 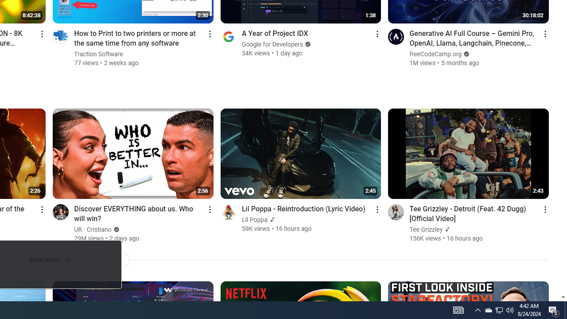 What do you see at coordinates (254, 219) in the screenshot?
I see `'Lil Poppa'` at bounding box center [254, 219].